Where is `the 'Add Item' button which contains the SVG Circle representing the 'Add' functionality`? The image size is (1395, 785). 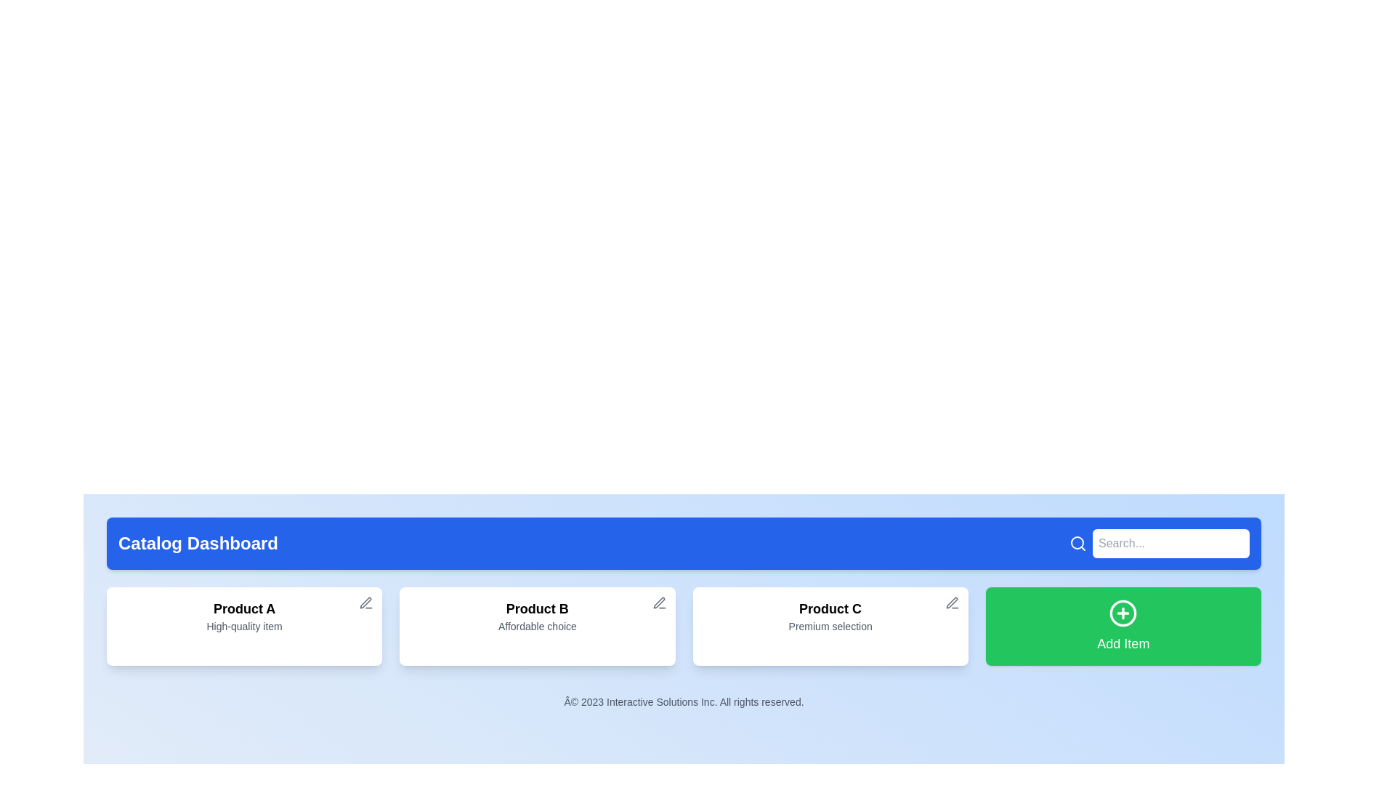
the 'Add Item' button which contains the SVG Circle representing the 'Add' functionality is located at coordinates (1123, 613).